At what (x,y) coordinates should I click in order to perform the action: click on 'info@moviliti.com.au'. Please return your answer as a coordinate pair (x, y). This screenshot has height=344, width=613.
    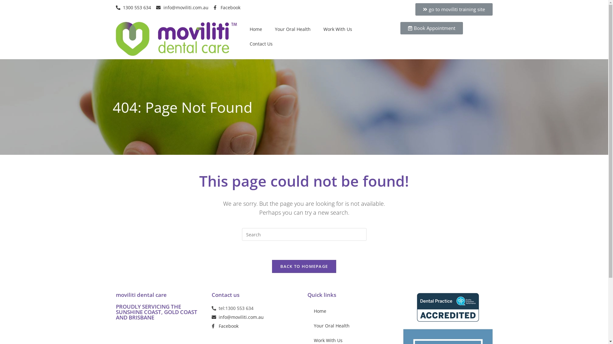
    Looking at the image, I should click on (182, 7).